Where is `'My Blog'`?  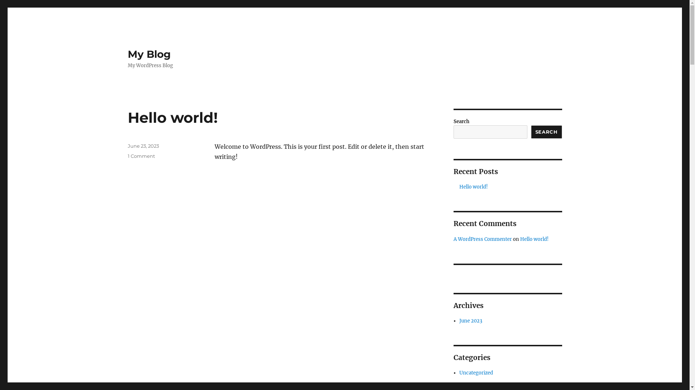 'My Blog' is located at coordinates (148, 54).